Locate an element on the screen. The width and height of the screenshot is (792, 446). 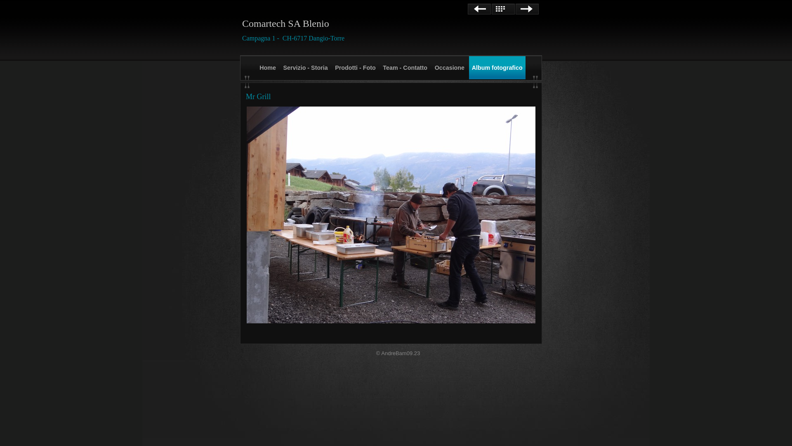
'Avanti' is located at coordinates (526, 9).